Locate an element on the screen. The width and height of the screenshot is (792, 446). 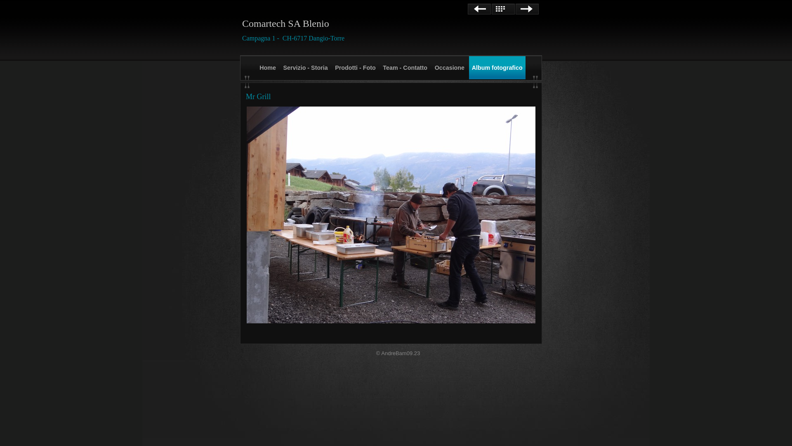
'Avanti' is located at coordinates (526, 9).